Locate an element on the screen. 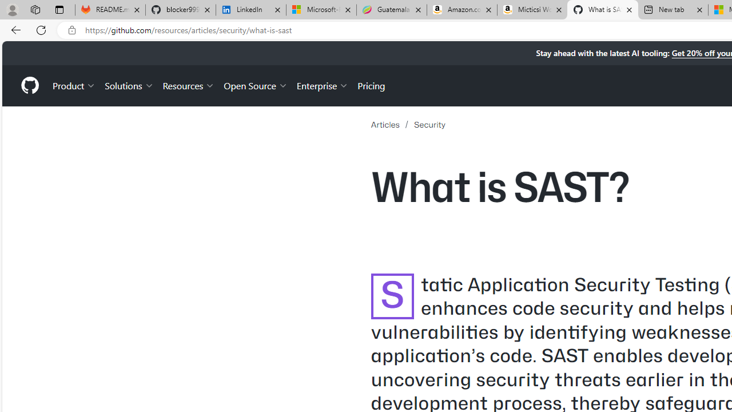 This screenshot has width=732, height=412. 'Open Source' is located at coordinates (254, 85).